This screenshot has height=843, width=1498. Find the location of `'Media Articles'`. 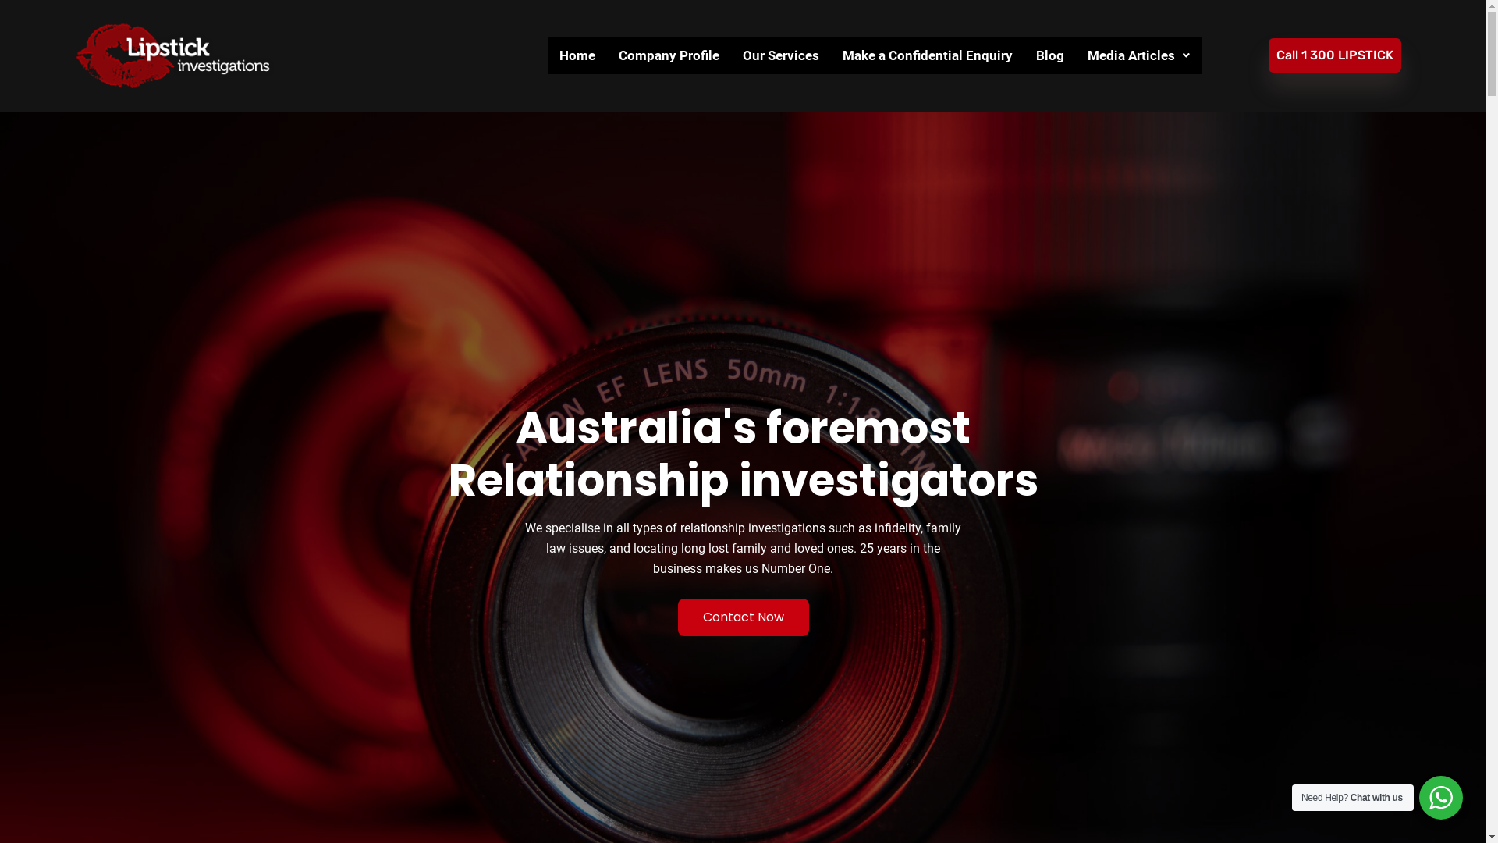

'Media Articles' is located at coordinates (1138, 55).